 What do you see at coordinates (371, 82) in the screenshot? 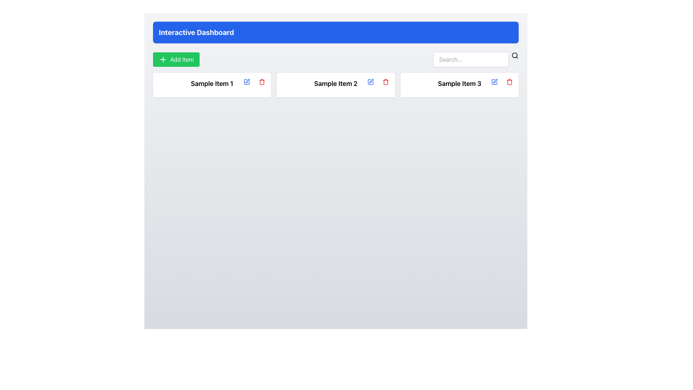
I see `SVG graphical component representing edit functionality, located within the icon set adjacent to 'Sample Item 2'` at bounding box center [371, 82].